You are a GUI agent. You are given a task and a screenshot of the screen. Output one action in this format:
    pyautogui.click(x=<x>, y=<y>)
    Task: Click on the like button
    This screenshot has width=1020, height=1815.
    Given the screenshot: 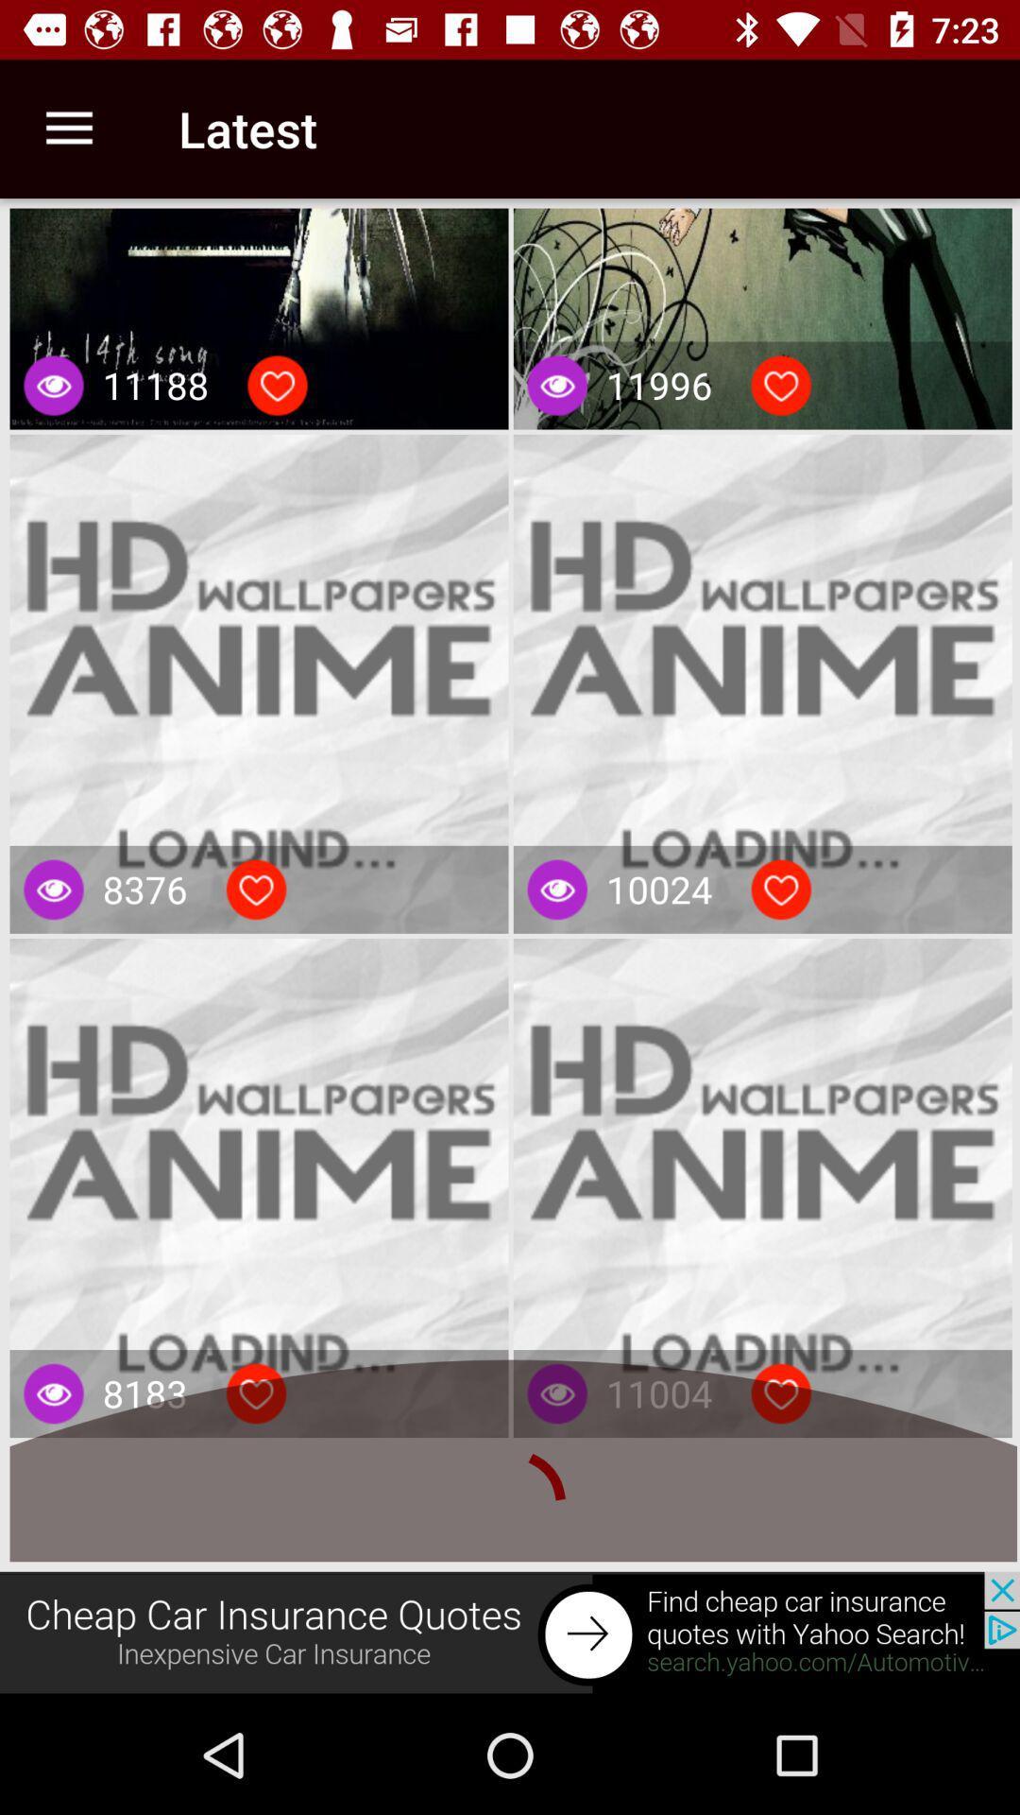 What is the action you would take?
    pyautogui.click(x=256, y=889)
    